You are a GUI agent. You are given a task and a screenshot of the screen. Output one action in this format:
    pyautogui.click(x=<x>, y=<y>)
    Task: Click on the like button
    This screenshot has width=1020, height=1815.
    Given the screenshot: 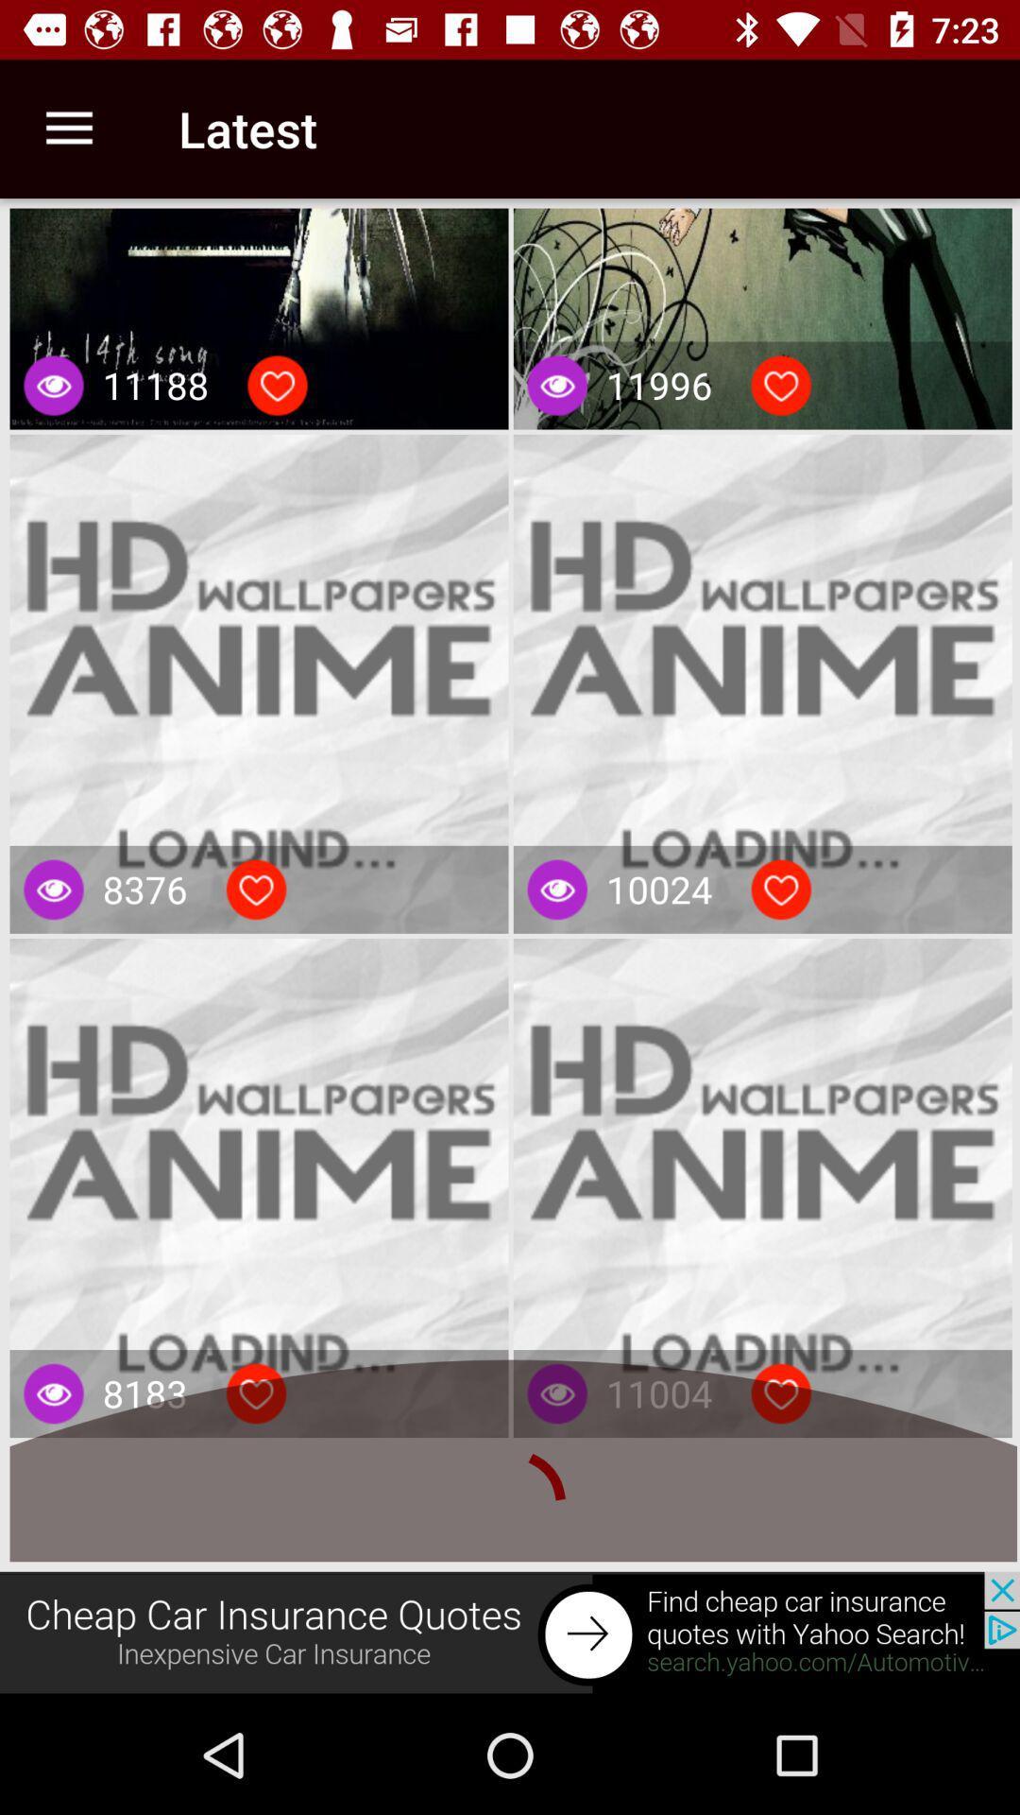 What is the action you would take?
    pyautogui.click(x=256, y=889)
    